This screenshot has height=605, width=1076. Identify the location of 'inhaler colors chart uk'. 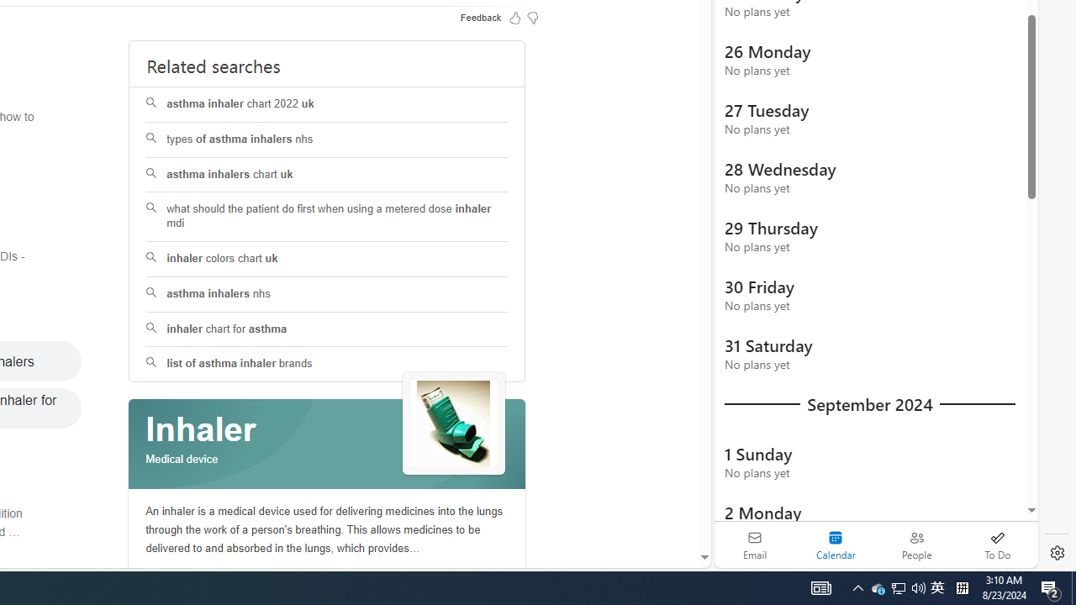
(327, 259).